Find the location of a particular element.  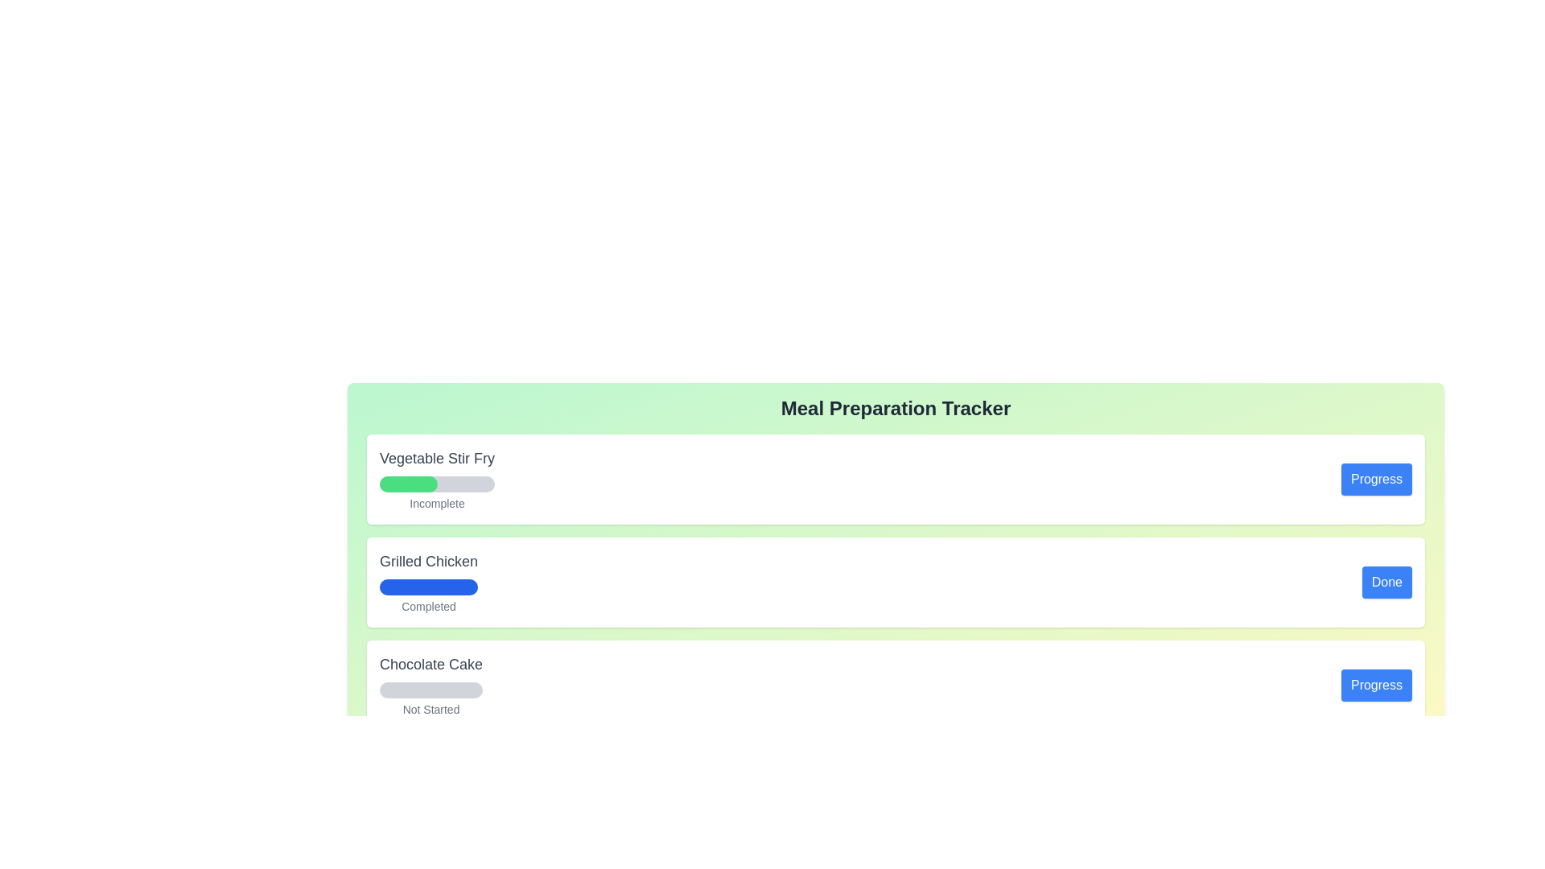

text labels of the Composite component displaying 'Grilled Chicken' and 'Completed' is located at coordinates (428, 583).